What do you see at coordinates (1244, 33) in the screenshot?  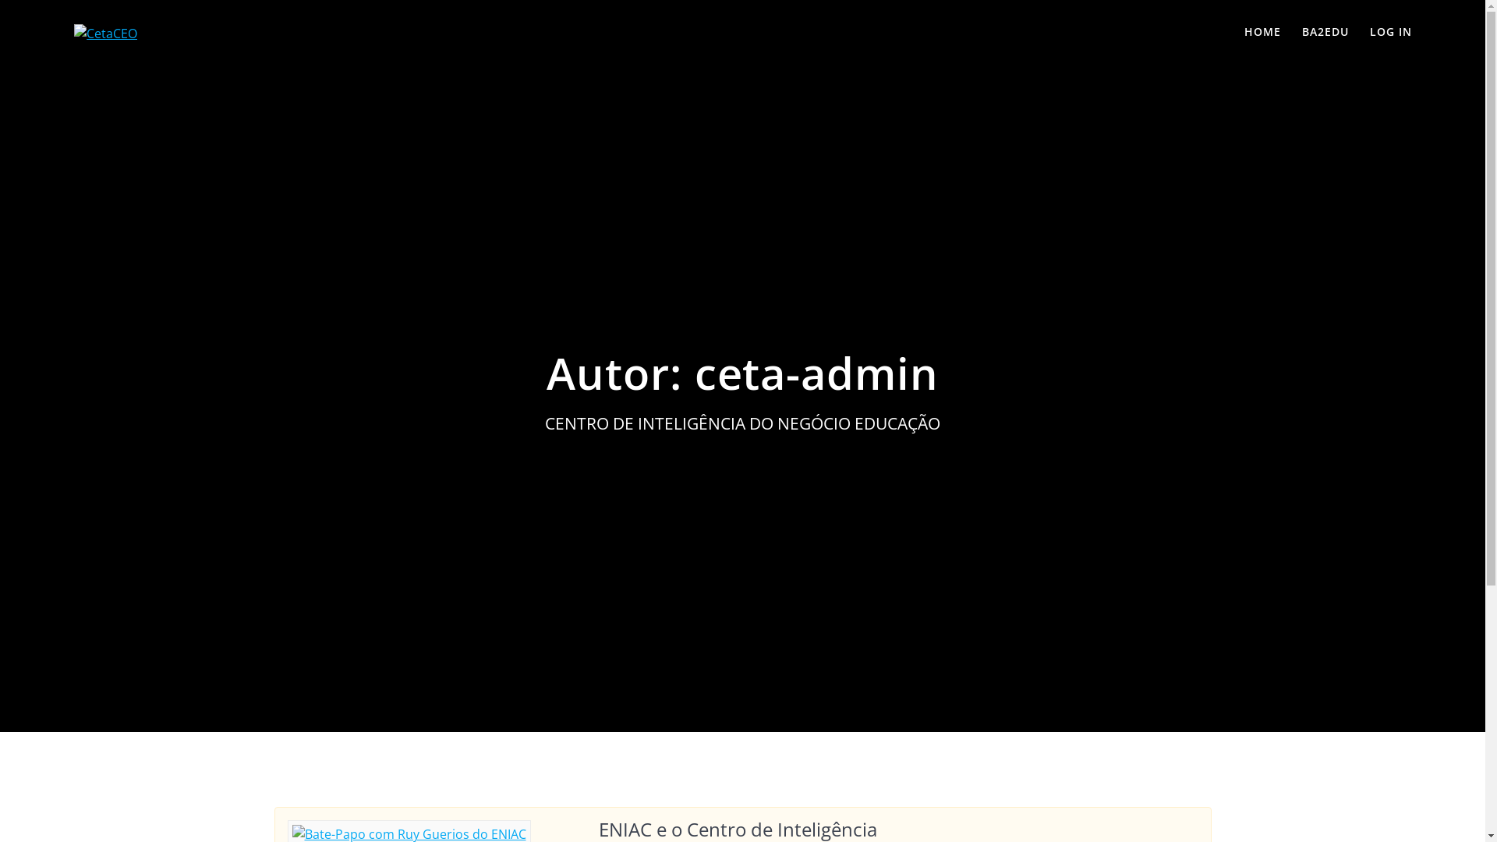 I see `'HOME'` at bounding box center [1244, 33].